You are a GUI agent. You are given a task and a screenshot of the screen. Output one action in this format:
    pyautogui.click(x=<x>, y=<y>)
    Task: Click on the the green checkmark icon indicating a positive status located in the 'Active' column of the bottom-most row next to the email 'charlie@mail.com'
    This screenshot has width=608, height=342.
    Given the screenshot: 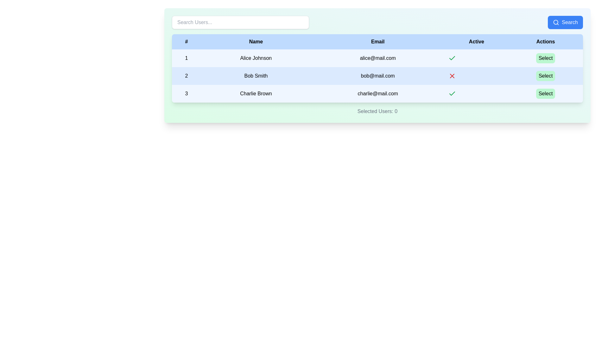 What is the action you would take?
    pyautogui.click(x=452, y=94)
    